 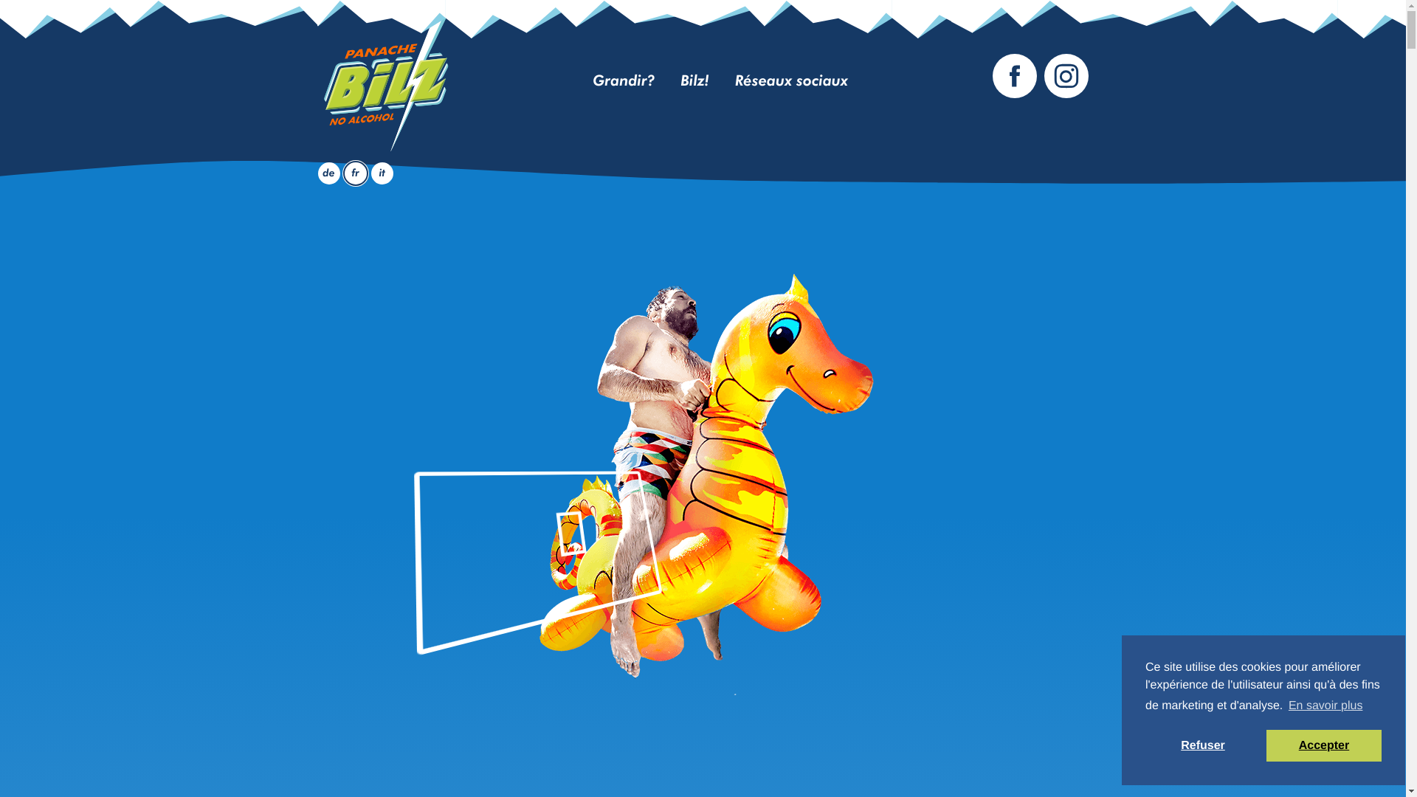 I want to click on 'Grandir?', so click(x=592, y=82).